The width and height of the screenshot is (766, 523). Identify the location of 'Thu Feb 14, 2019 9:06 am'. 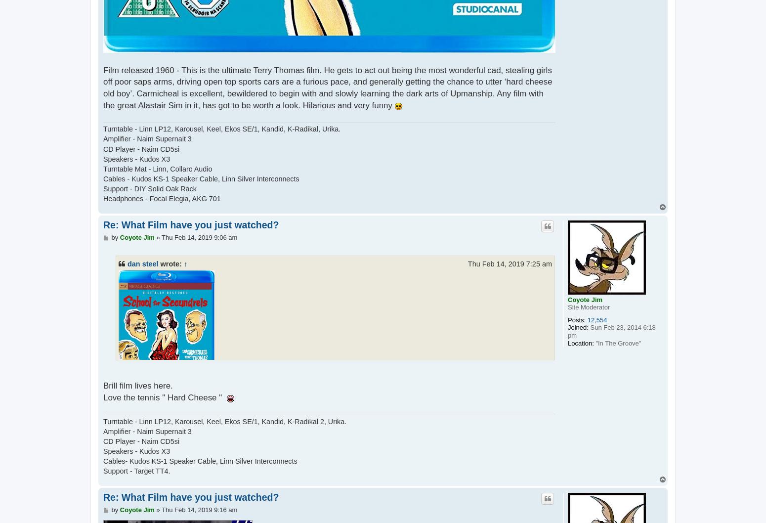
(161, 236).